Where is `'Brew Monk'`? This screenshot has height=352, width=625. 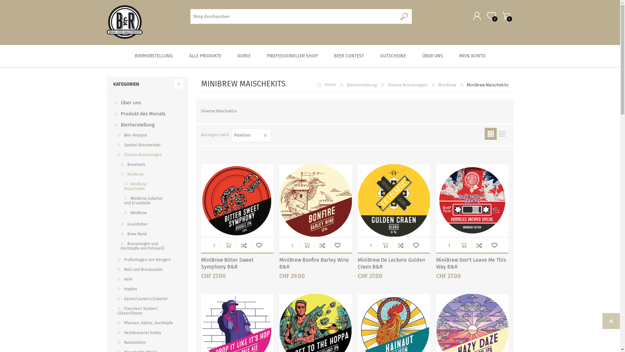
'Brew Monk' is located at coordinates (133, 233).